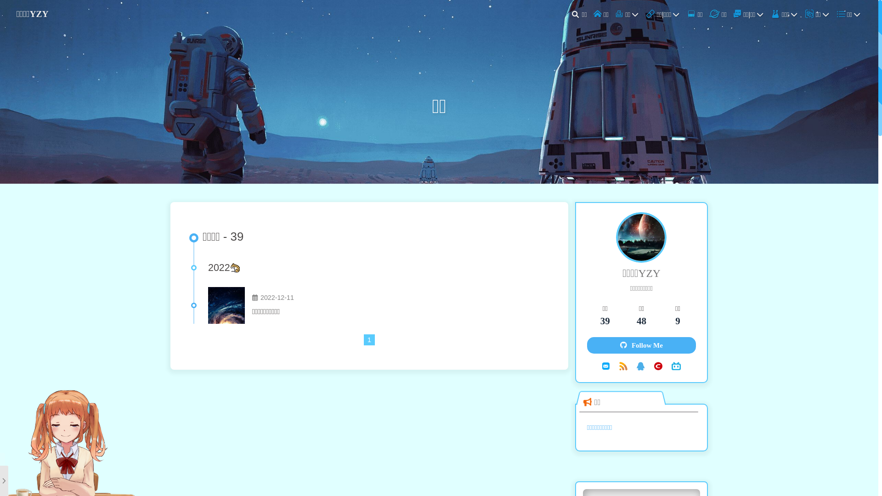  Describe the element at coordinates (641, 345) in the screenshot. I see `'Follow Me'` at that location.